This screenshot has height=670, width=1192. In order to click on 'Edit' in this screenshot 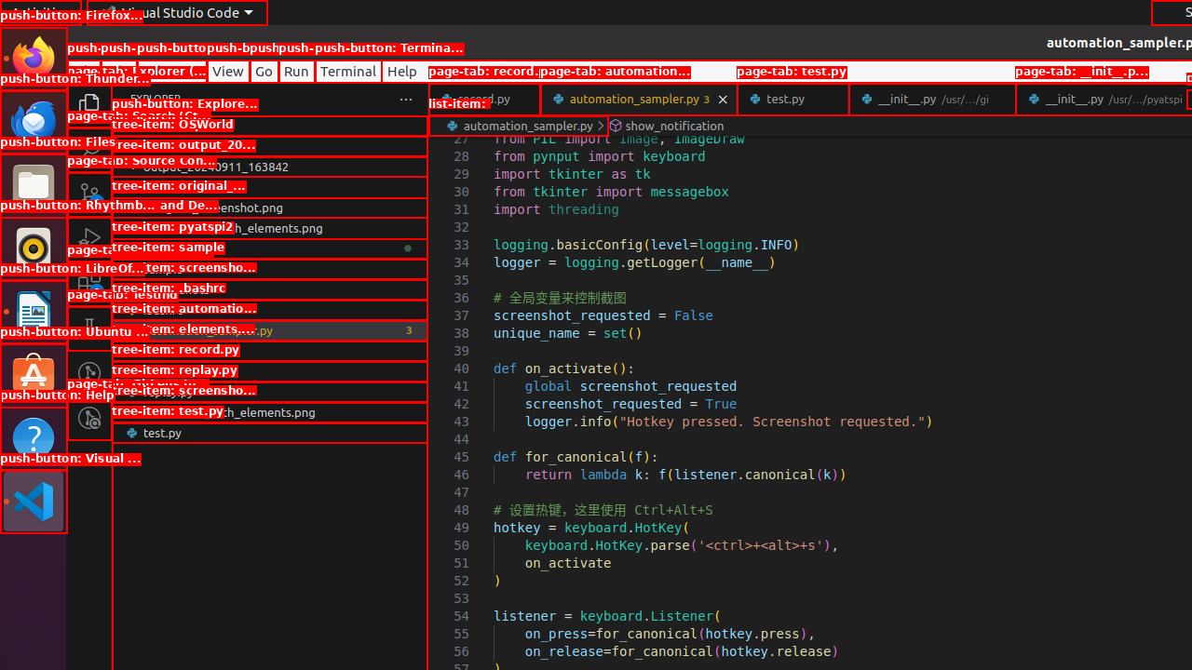, I will do `click(117, 70)`.